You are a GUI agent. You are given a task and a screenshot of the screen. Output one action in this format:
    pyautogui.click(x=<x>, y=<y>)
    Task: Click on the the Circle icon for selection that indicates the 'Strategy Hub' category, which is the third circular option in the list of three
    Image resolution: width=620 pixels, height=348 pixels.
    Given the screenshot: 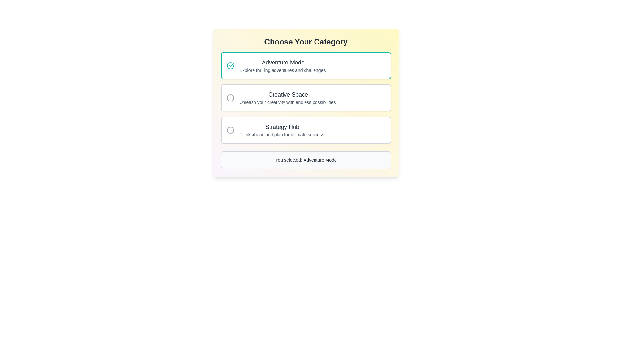 What is the action you would take?
    pyautogui.click(x=230, y=130)
    